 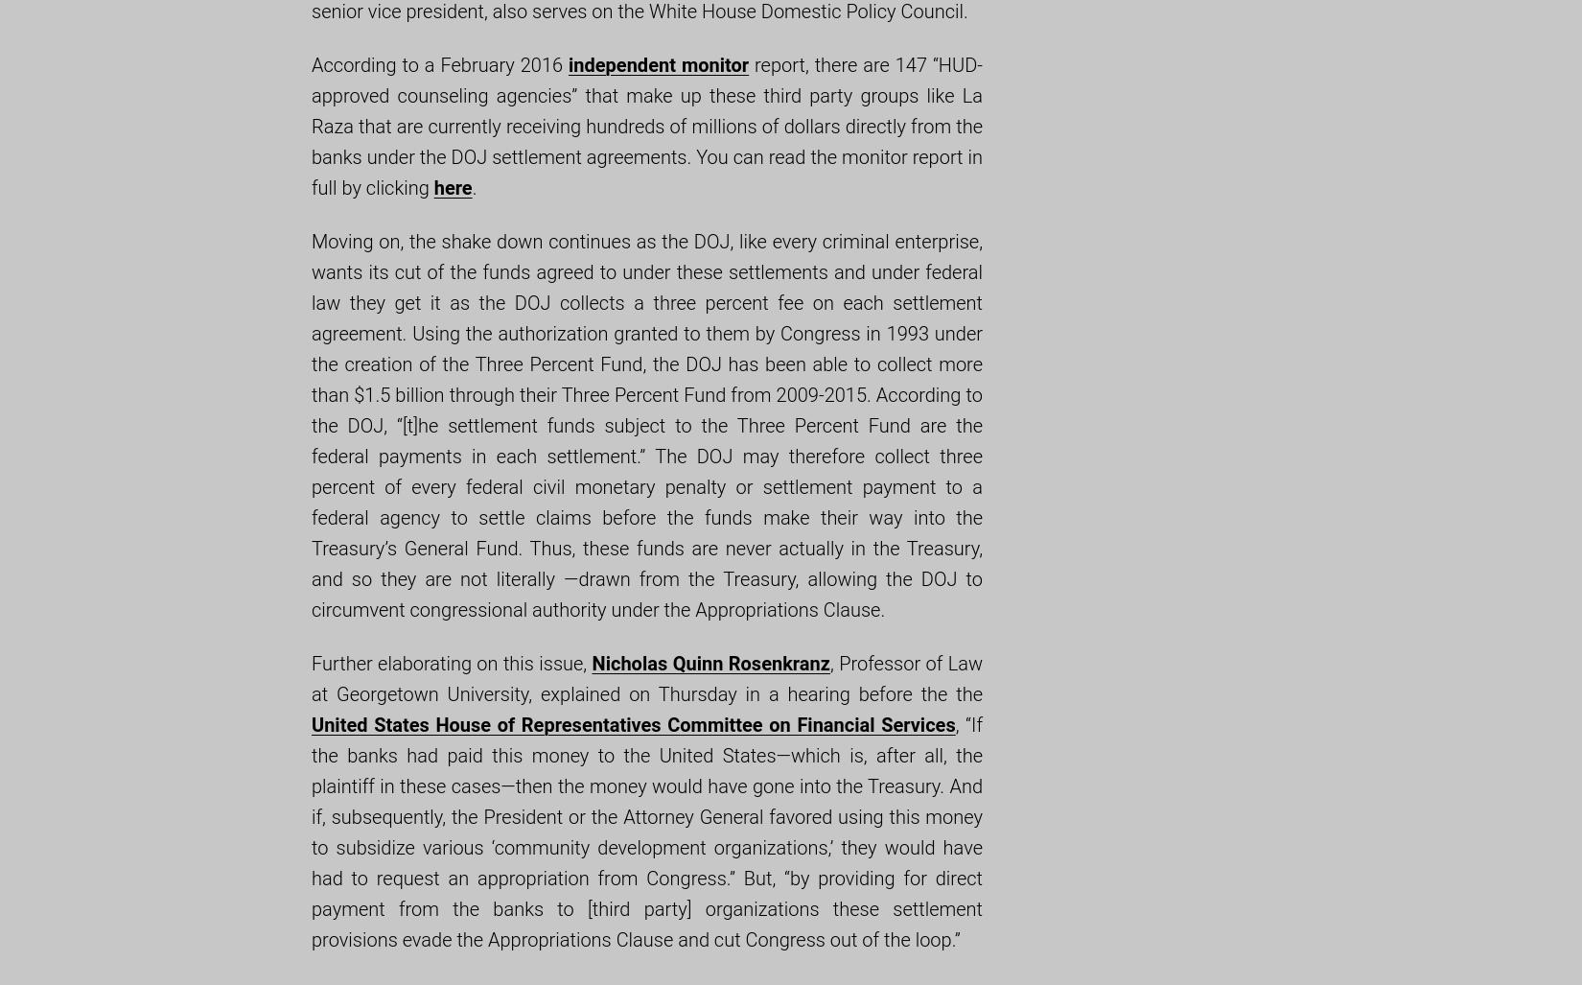 I want to click on 'Moving on, the shake down continues as the DOJ, like every criminal enterprise, wants its cut of the funds agreed to under these settlements and under federal law they get it as the DOJ collects a three percent fee on each settlement agreement. Using the authorization granted to them by Congress in 1993 under the creation of the Three Percent Fund,', so click(x=646, y=302).